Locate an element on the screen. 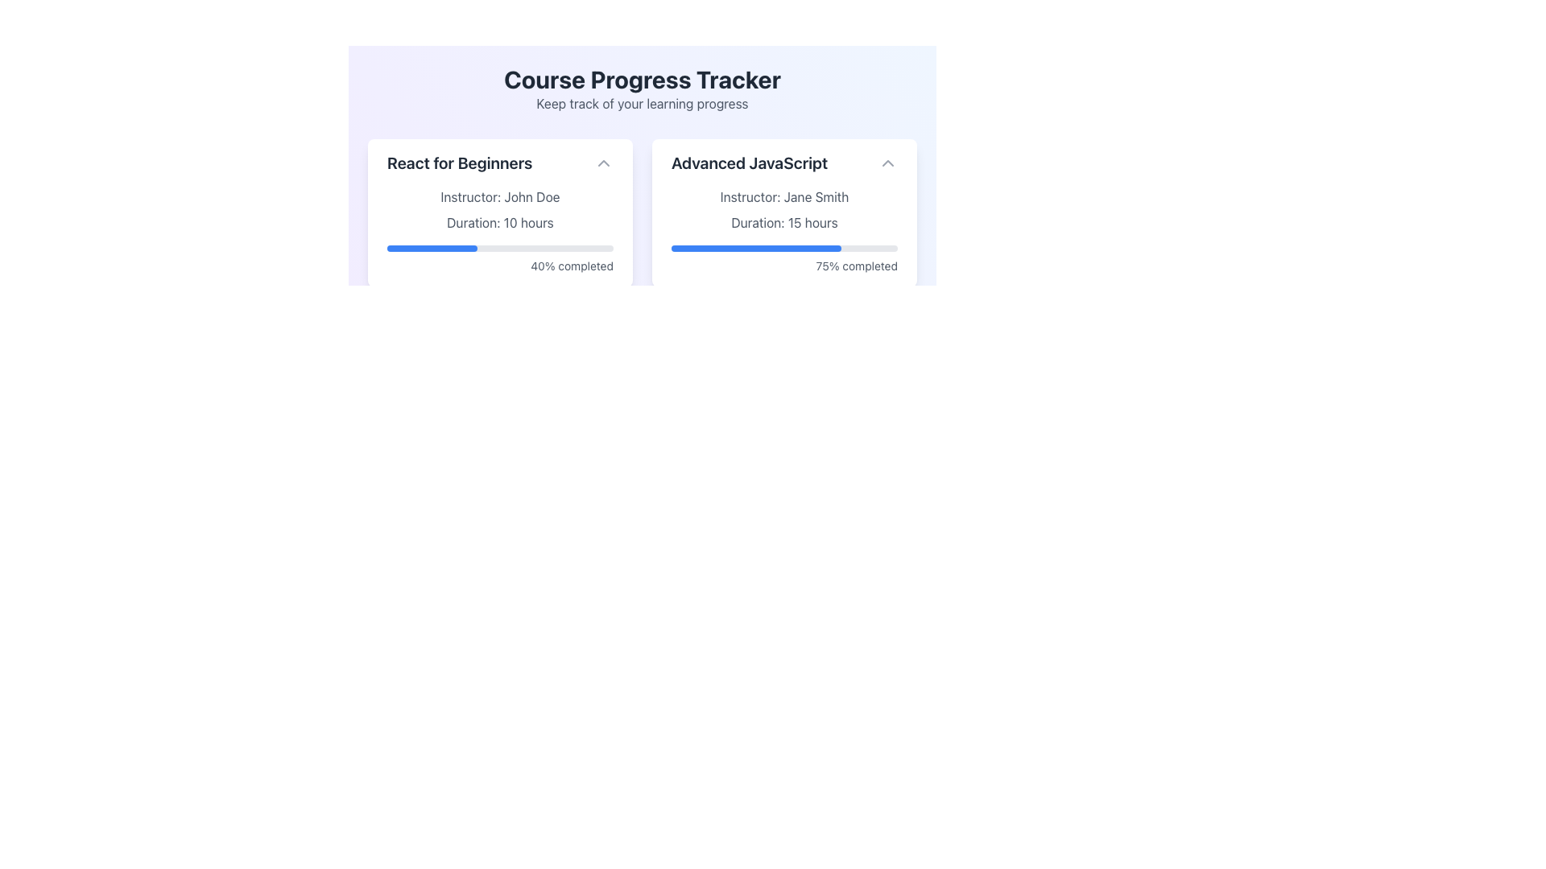  the Chevron Icon located at the top-right corner of the 'Advanced JavaScript' card is located at coordinates (887, 163).